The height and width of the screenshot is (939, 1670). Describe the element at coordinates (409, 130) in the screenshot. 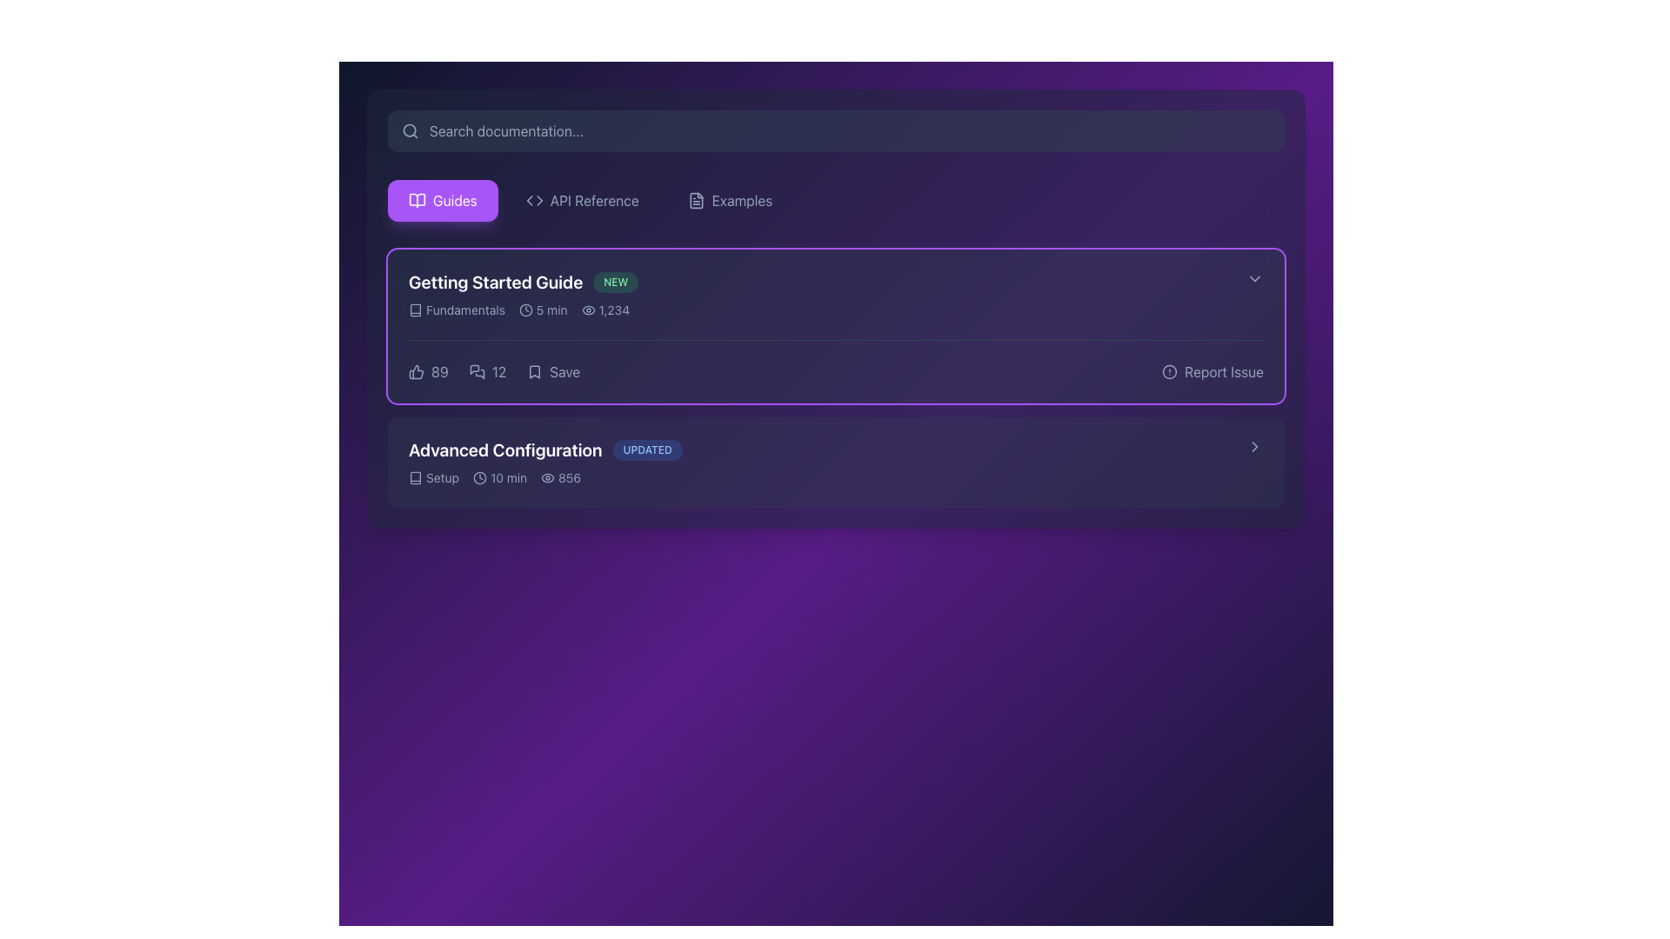

I see `the search icon, which is a light slate gray magnifying glass shape located on the left side of the search bar, aligned vertically in the middle` at that location.